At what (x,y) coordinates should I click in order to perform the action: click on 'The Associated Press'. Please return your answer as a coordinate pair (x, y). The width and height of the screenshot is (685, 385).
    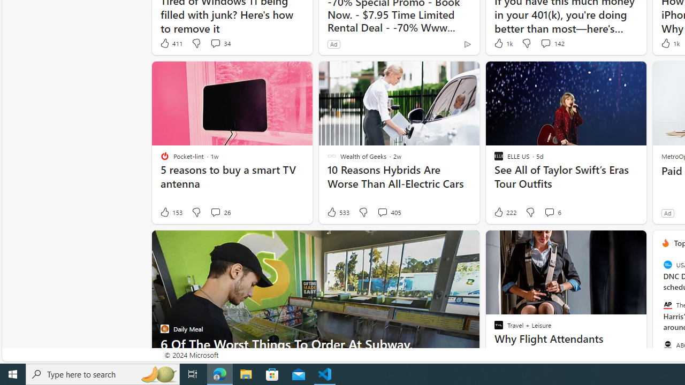
    Looking at the image, I should click on (667, 305).